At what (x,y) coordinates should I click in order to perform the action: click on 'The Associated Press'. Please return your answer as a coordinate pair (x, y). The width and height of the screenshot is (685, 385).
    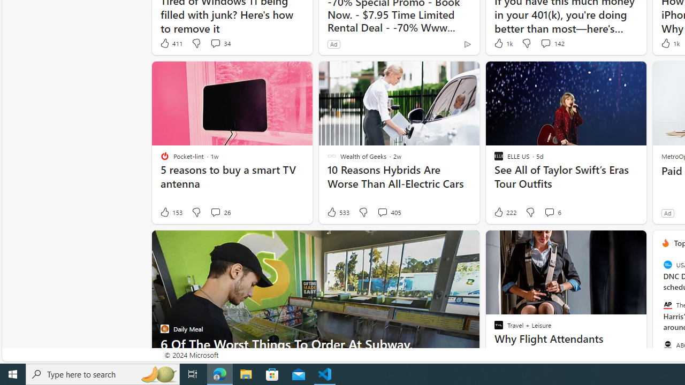
    Looking at the image, I should click on (667, 305).